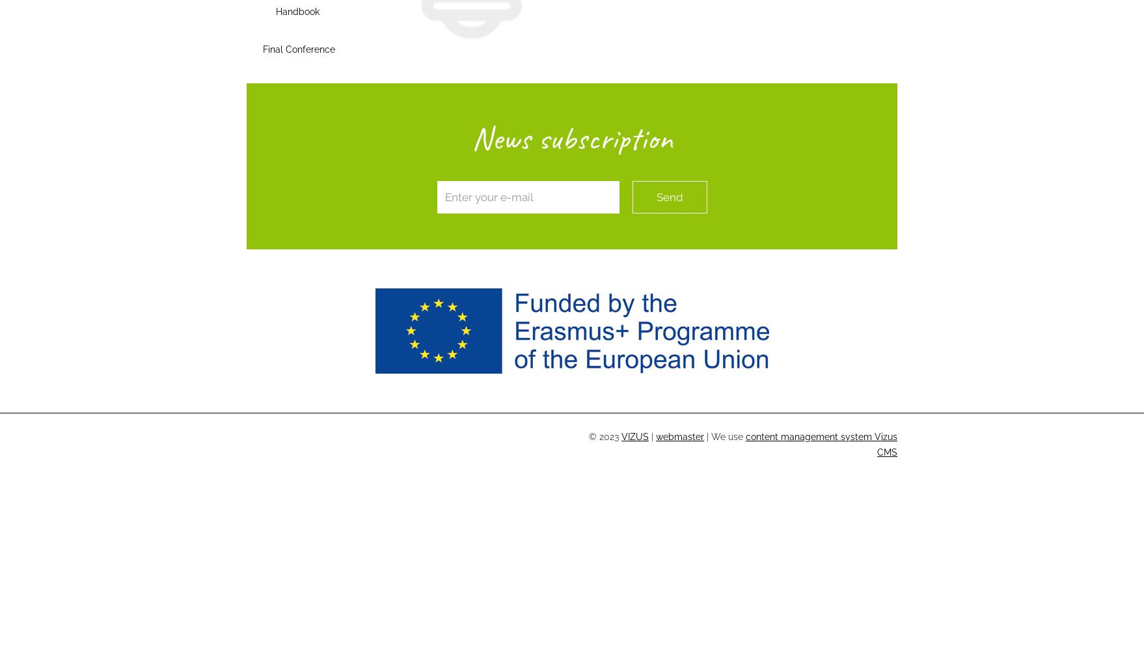 This screenshot has height=651, width=1144. What do you see at coordinates (652, 437) in the screenshot?
I see `'|'` at bounding box center [652, 437].